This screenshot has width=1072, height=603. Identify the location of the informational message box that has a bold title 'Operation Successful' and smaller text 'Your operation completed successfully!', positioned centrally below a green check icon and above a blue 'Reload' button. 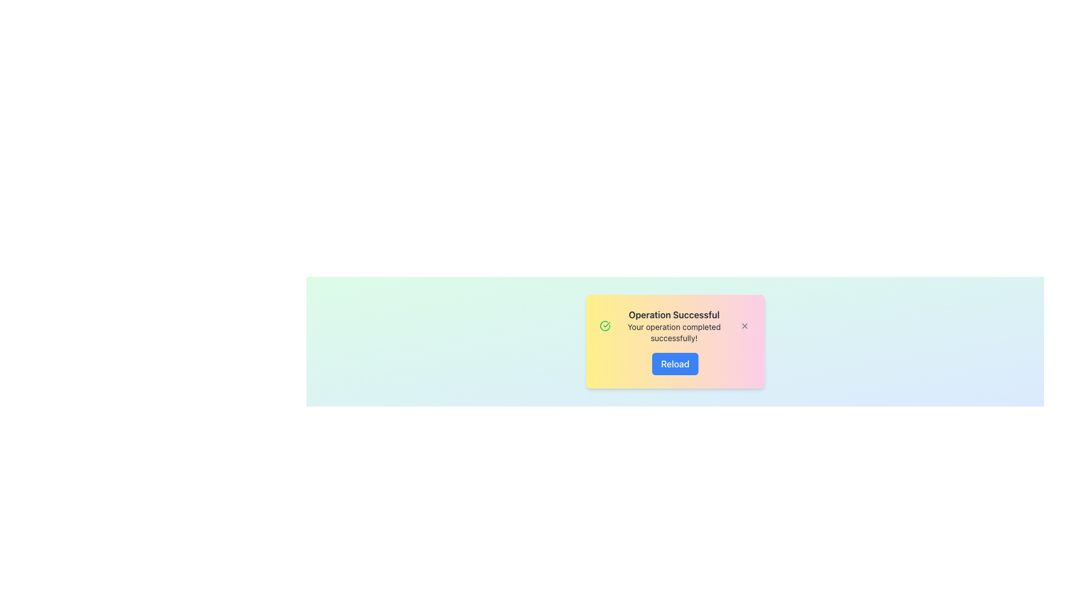
(673, 326).